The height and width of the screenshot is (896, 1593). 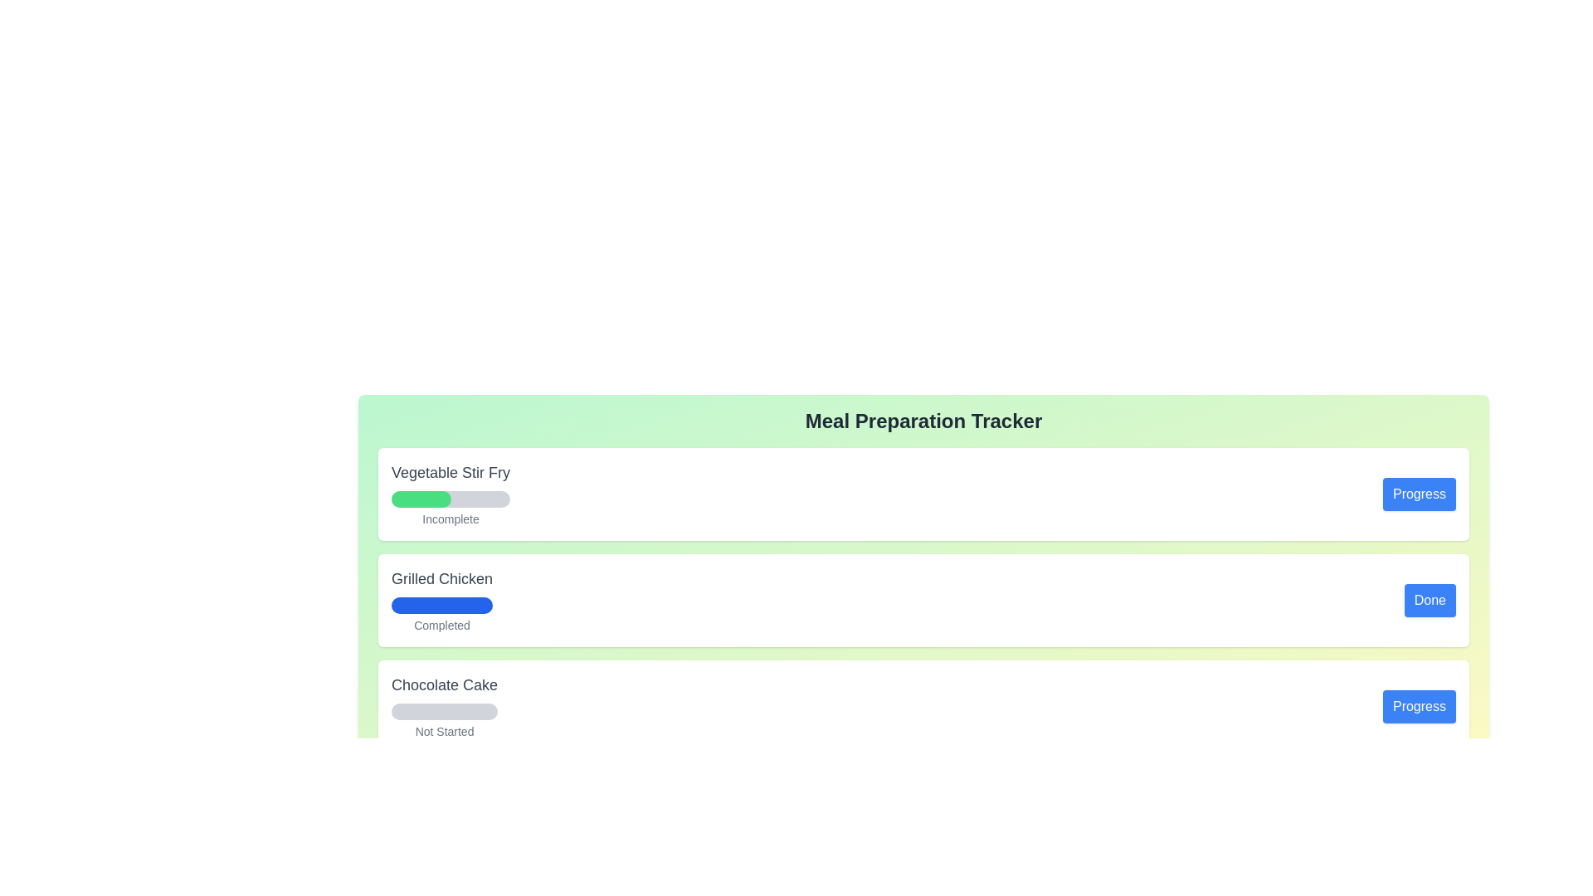 I want to click on the Progress indicator representing 50% completion of the 'Vegetable Stir Fry' task, located at the top of the interface, so click(x=421, y=498).